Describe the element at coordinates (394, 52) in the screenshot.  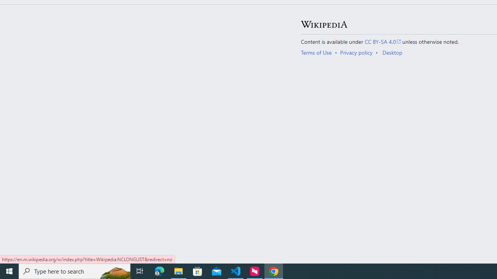
I see `'AutomationID: footer-places-desktop-toggle'` at that location.